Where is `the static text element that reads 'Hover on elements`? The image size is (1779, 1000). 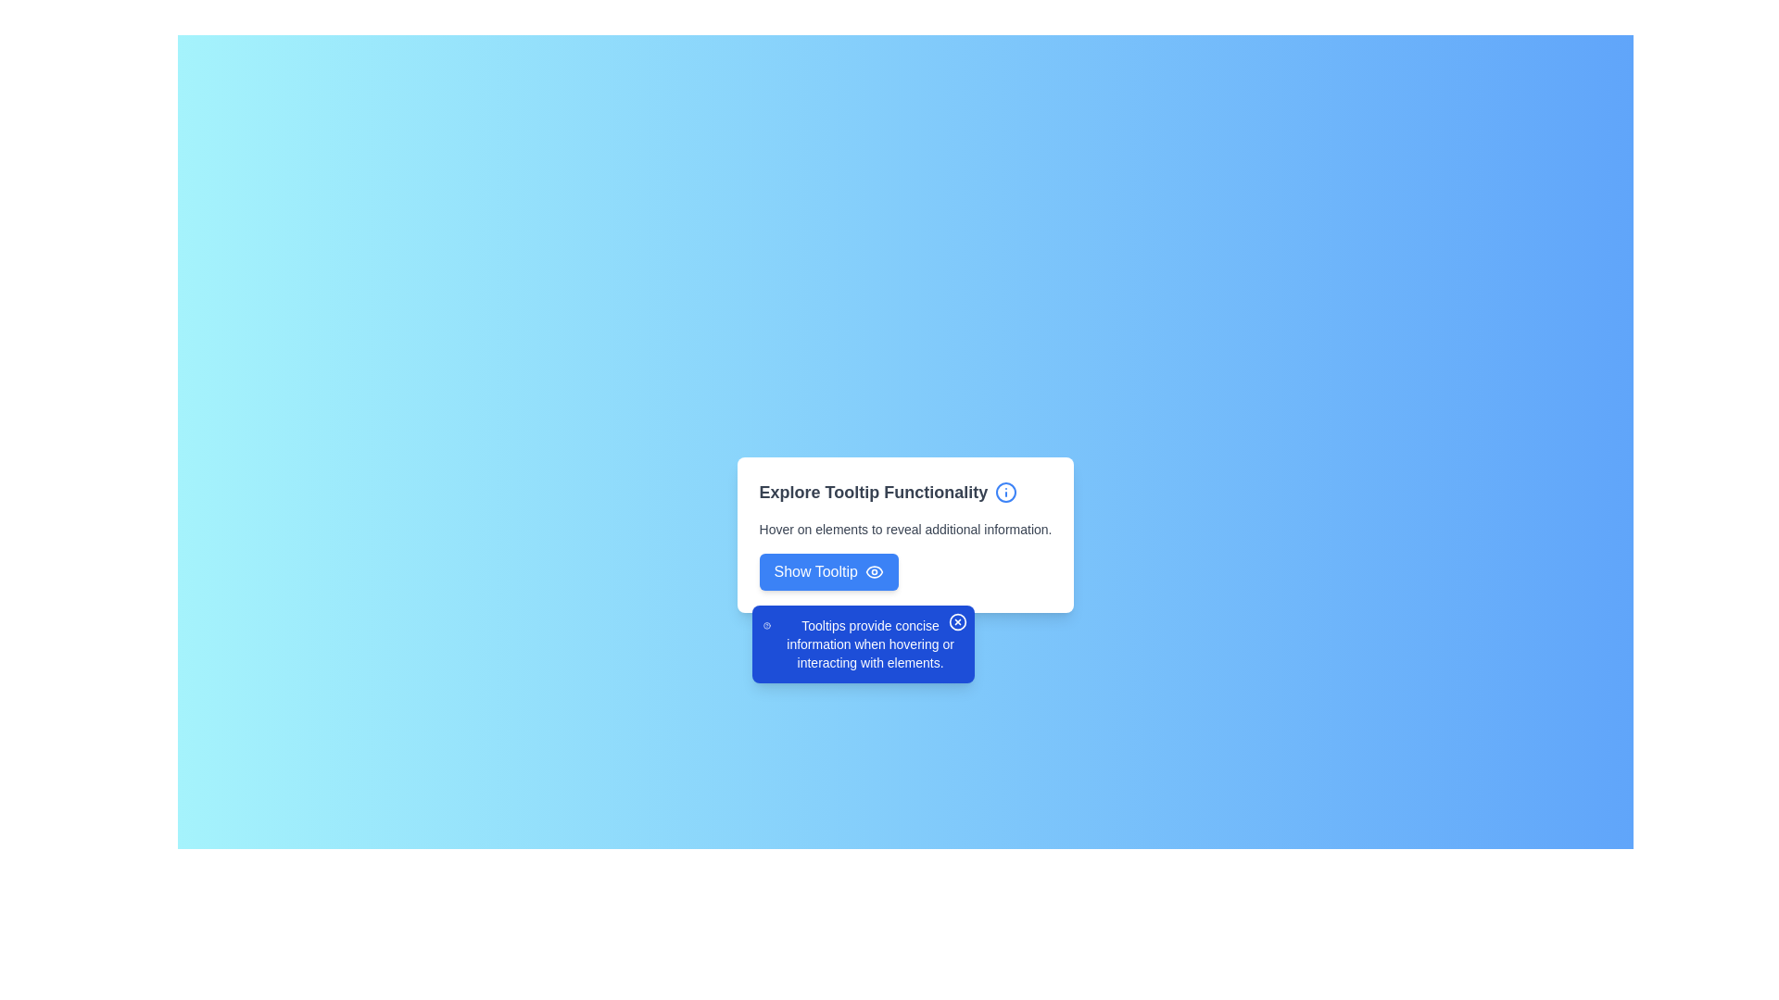 the static text element that reads 'Hover on elements is located at coordinates (905, 529).